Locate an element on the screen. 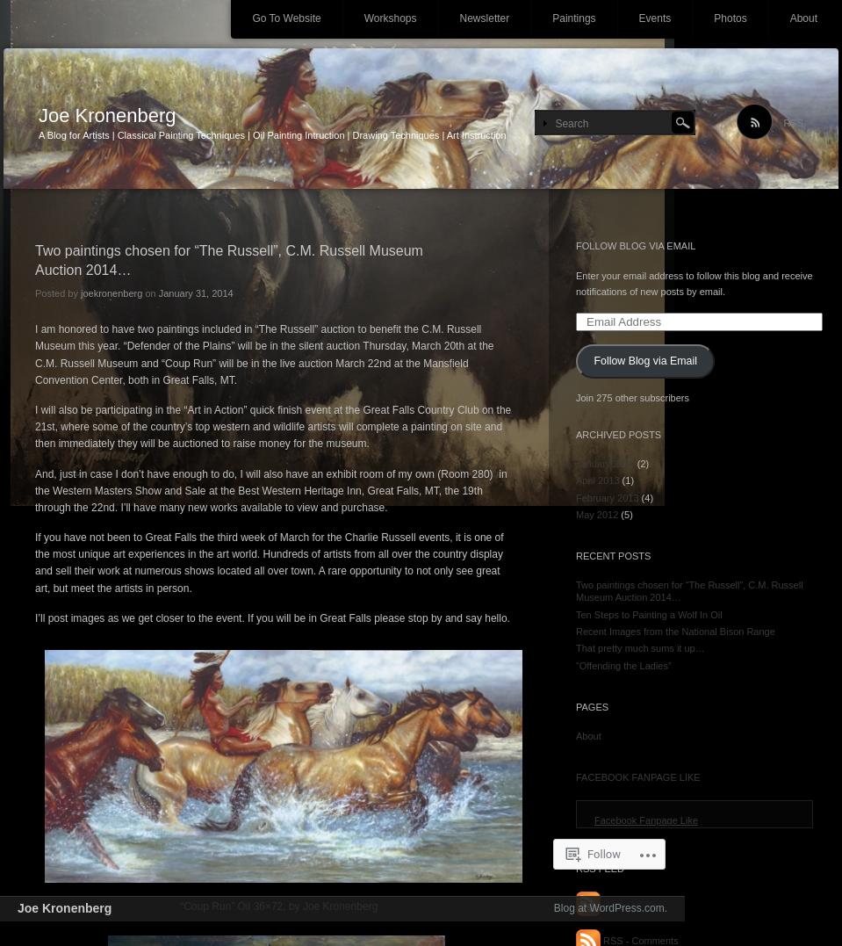 This screenshot has height=946, width=842. '(1)' is located at coordinates (617, 480).